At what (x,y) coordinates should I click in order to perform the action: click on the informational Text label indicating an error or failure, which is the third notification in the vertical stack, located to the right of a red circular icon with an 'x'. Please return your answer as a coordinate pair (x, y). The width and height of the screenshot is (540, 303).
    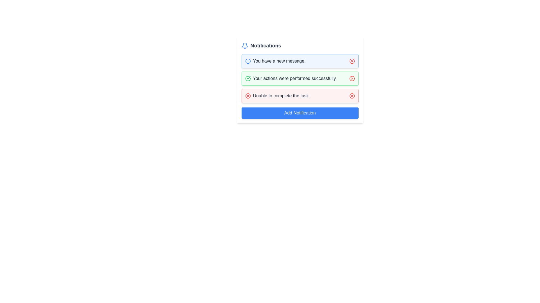
    Looking at the image, I should click on (281, 96).